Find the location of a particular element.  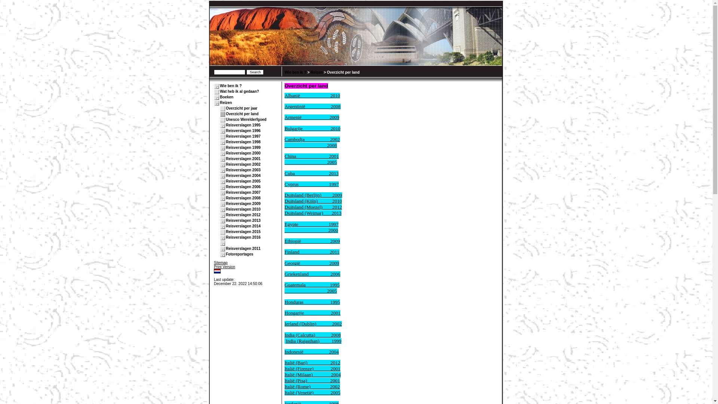

'Boeken' is located at coordinates (226, 97).